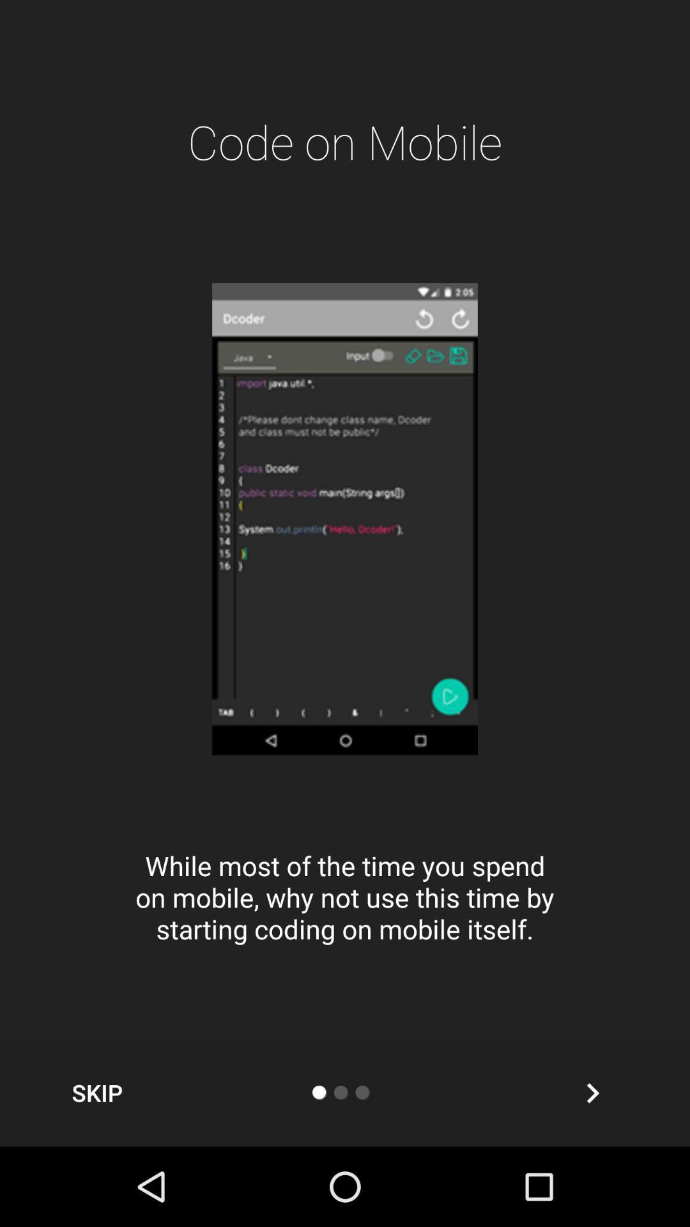 This screenshot has height=1227, width=690. Describe the element at coordinates (592, 1092) in the screenshot. I see `next slide` at that location.